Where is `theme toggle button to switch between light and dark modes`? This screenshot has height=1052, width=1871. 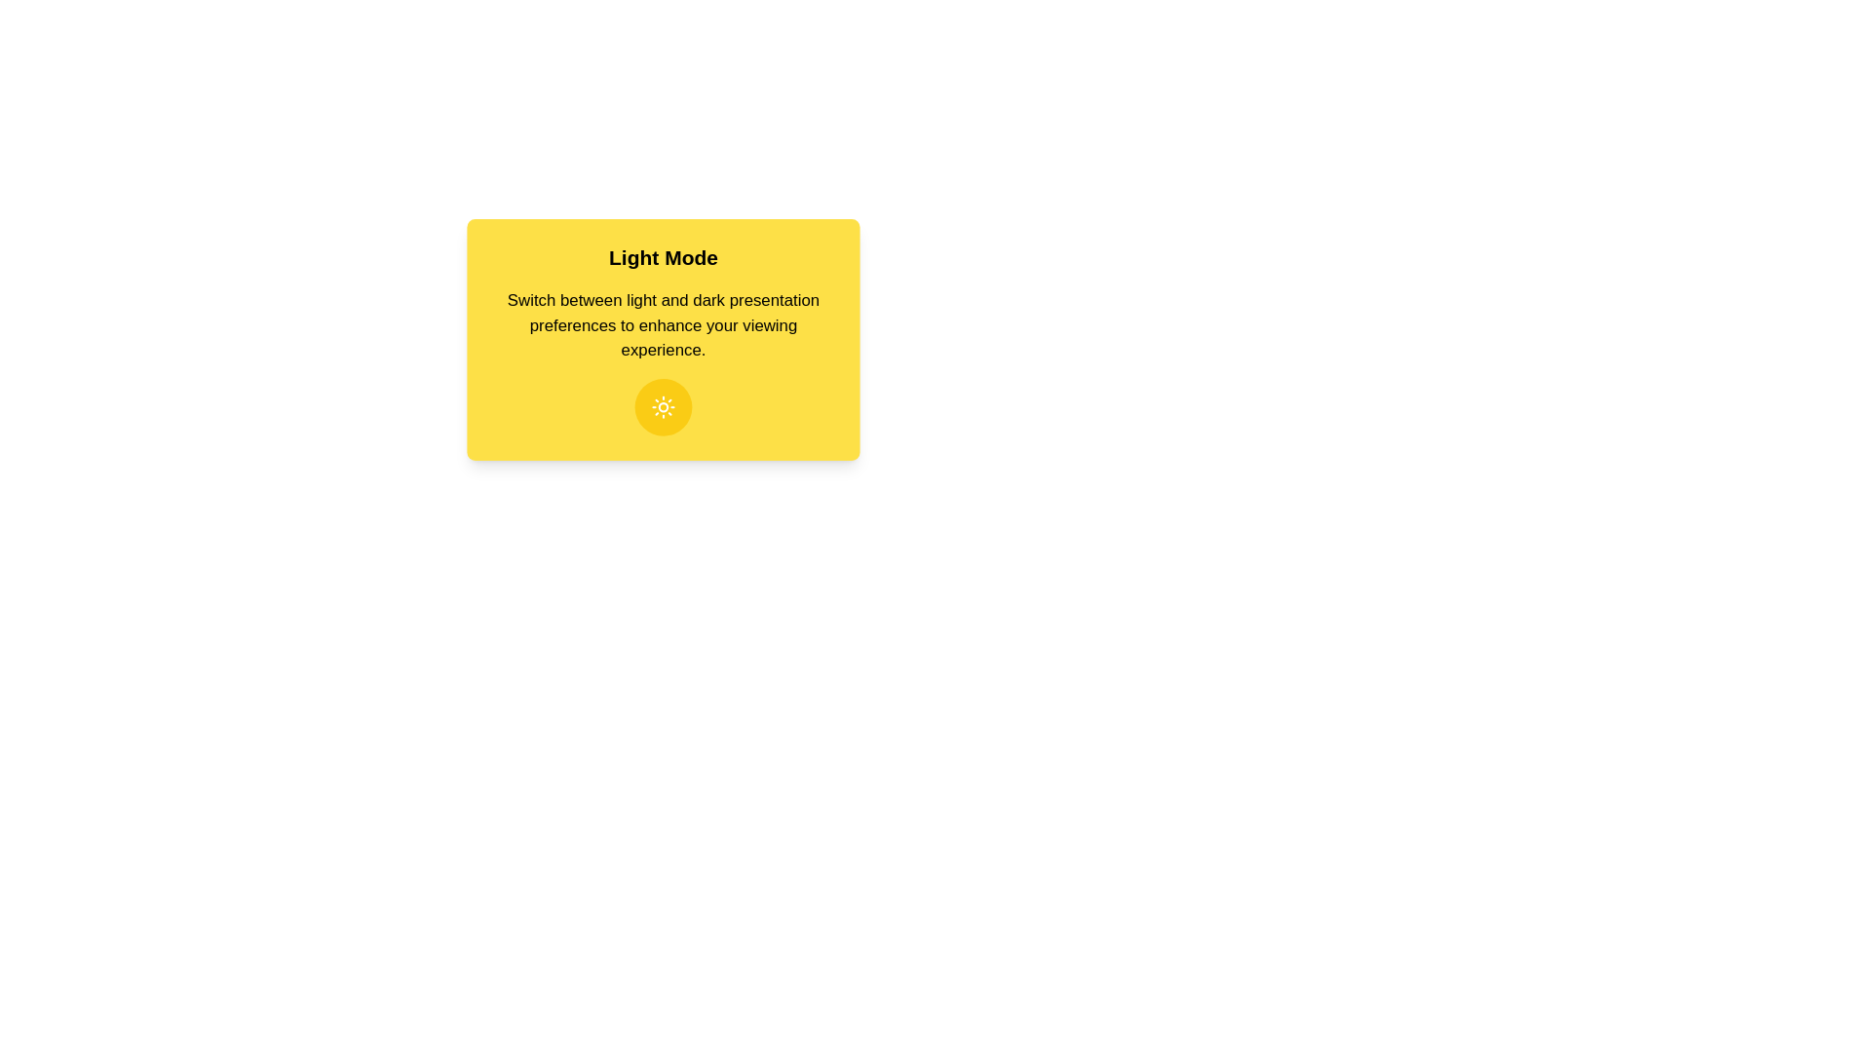 theme toggle button to switch between light and dark modes is located at coordinates (664, 405).